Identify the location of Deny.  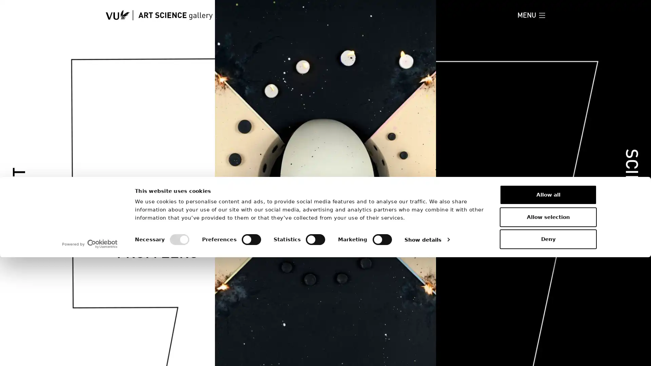
(548, 348).